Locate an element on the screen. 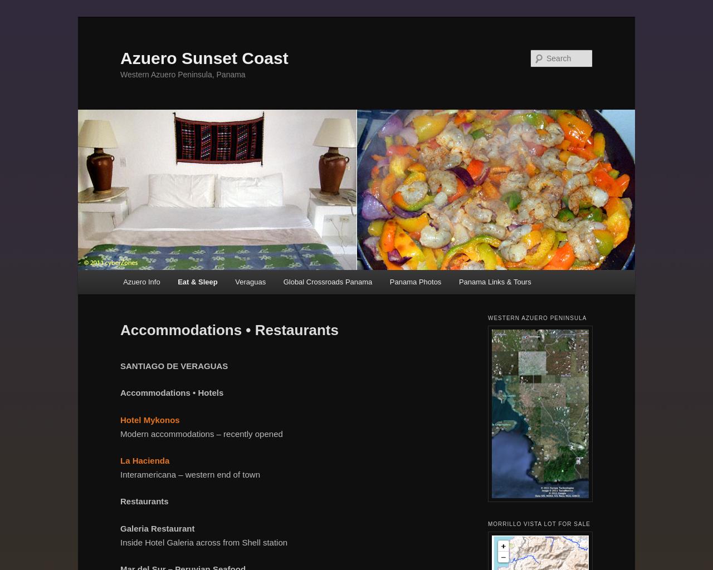 The image size is (713, 570). 'Interamericana – western end of town' is located at coordinates (189, 473).